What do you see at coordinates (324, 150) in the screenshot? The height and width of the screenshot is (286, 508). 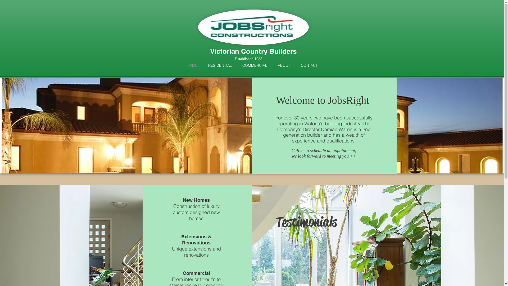 I see `'Call us to schedule an appointment,'` at bounding box center [324, 150].